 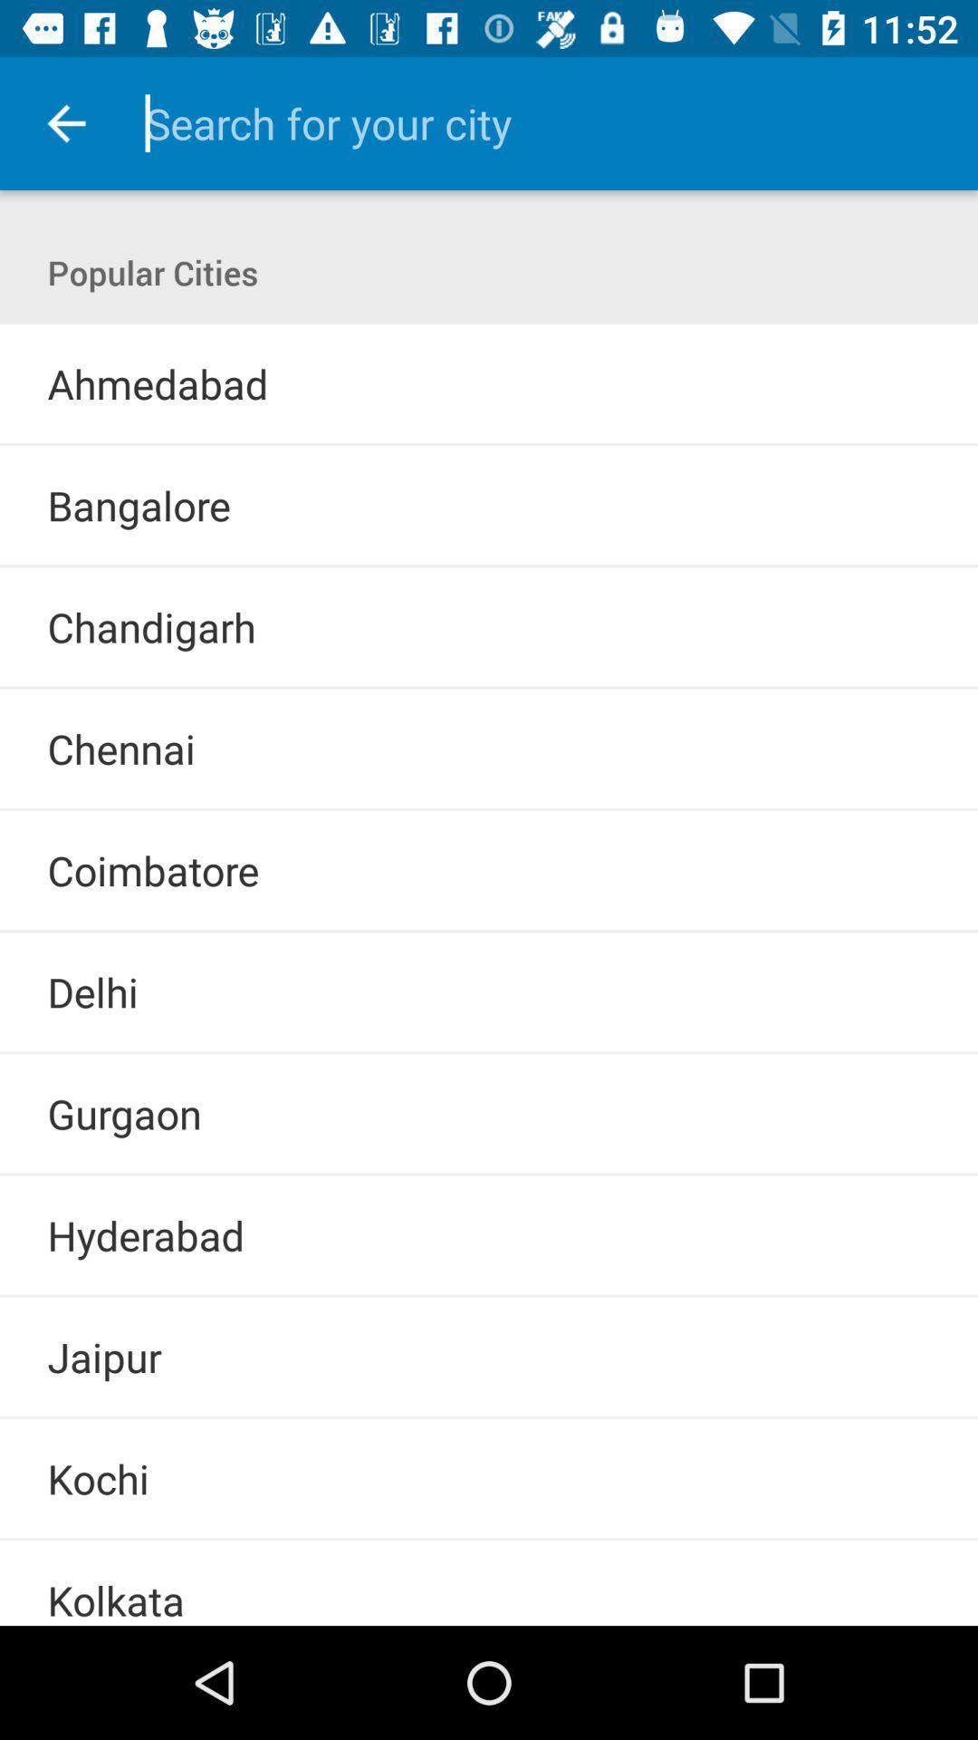 I want to click on the icon below the chandigarh item, so click(x=489, y=686).